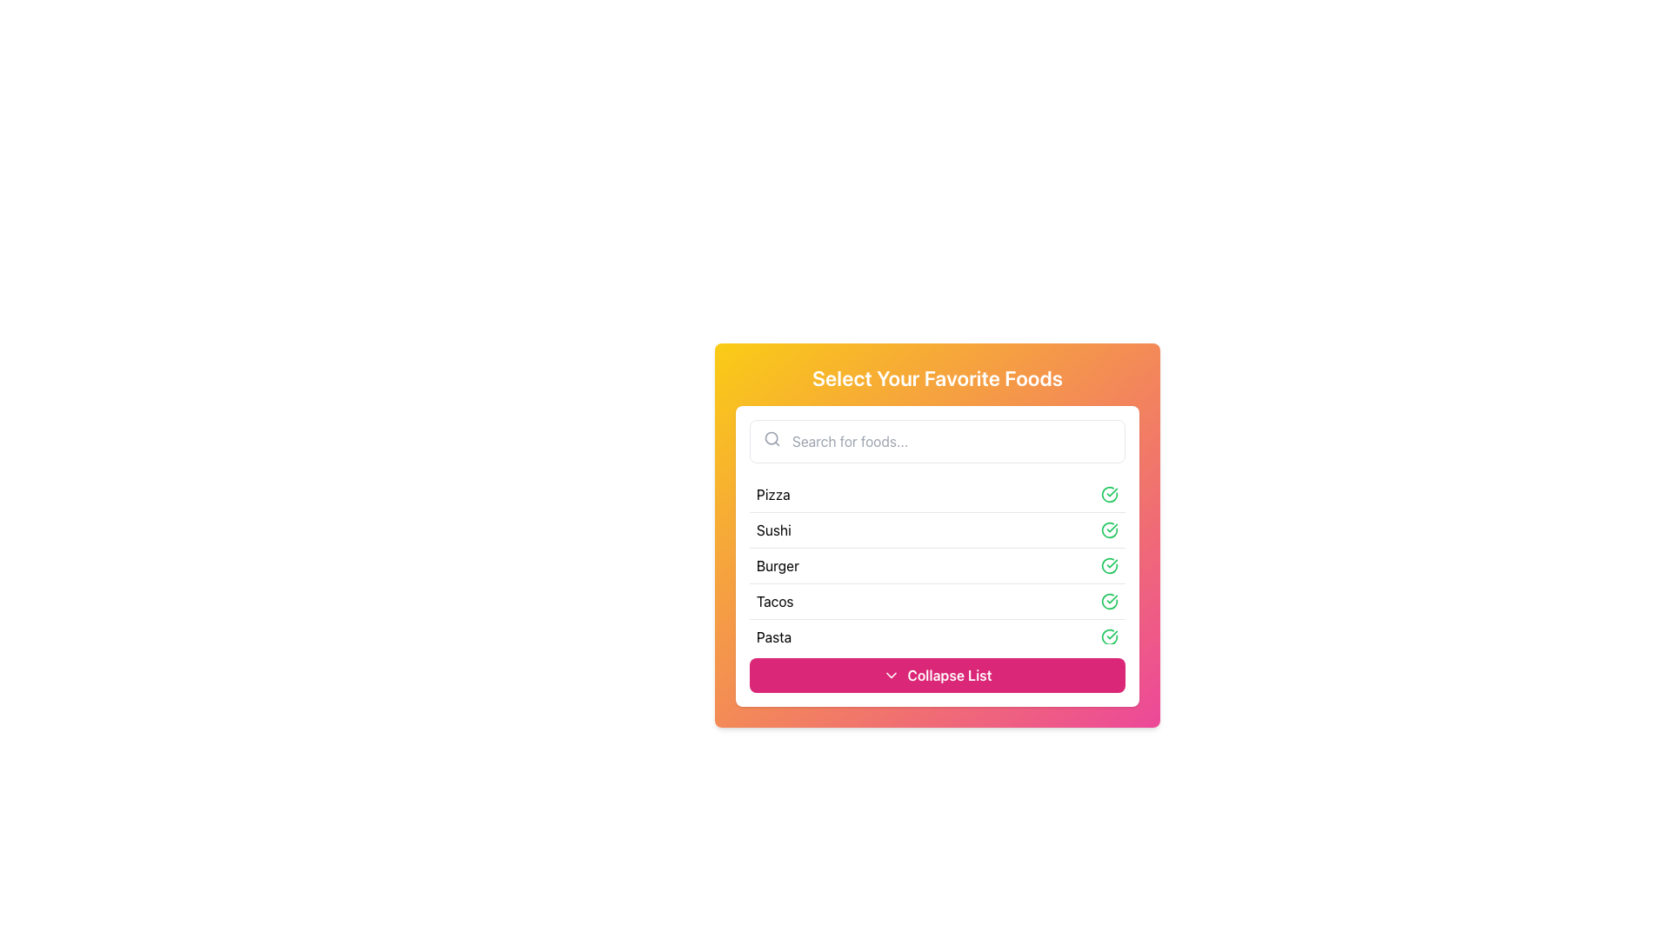  Describe the element at coordinates (937, 637) in the screenshot. I see `the selectable list item labeled 'Pasta' with a green checkmark` at that location.